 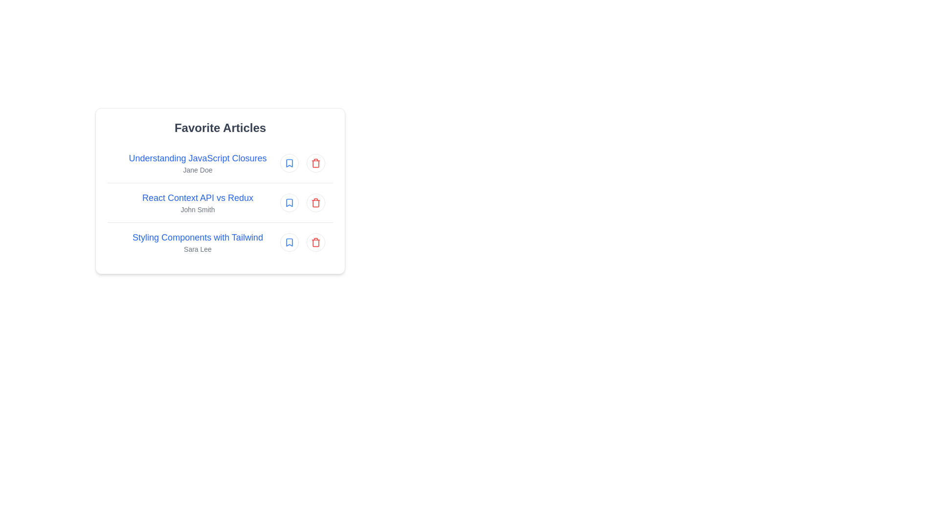 What do you see at coordinates (289, 202) in the screenshot?
I see `the Bookmark icon for the article titled 'React Context API vs Redux'` at bounding box center [289, 202].